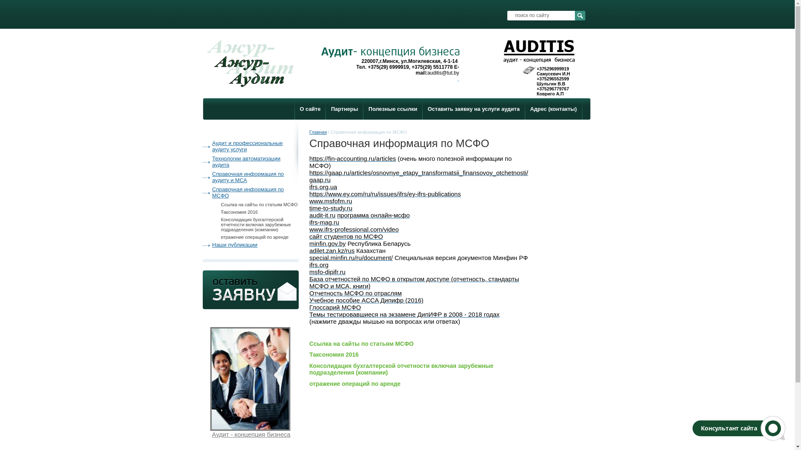 The image size is (801, 450). What do you see at coordinates (318, 265) in the screenshot?
I see `'ifrs.org'` at bounding box center [318, 265].